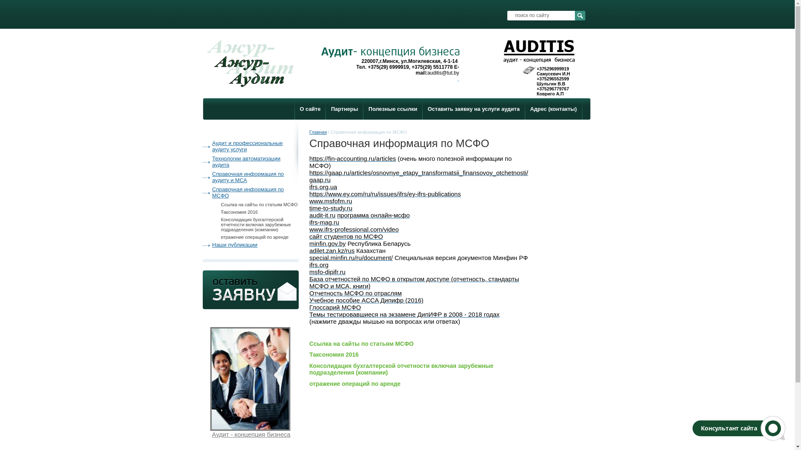 The image size is (801, 450). What do you see at coordinates (318, 265) in the screenshot?
I see `'ifrs.org'` at bounding box center [318, 265].